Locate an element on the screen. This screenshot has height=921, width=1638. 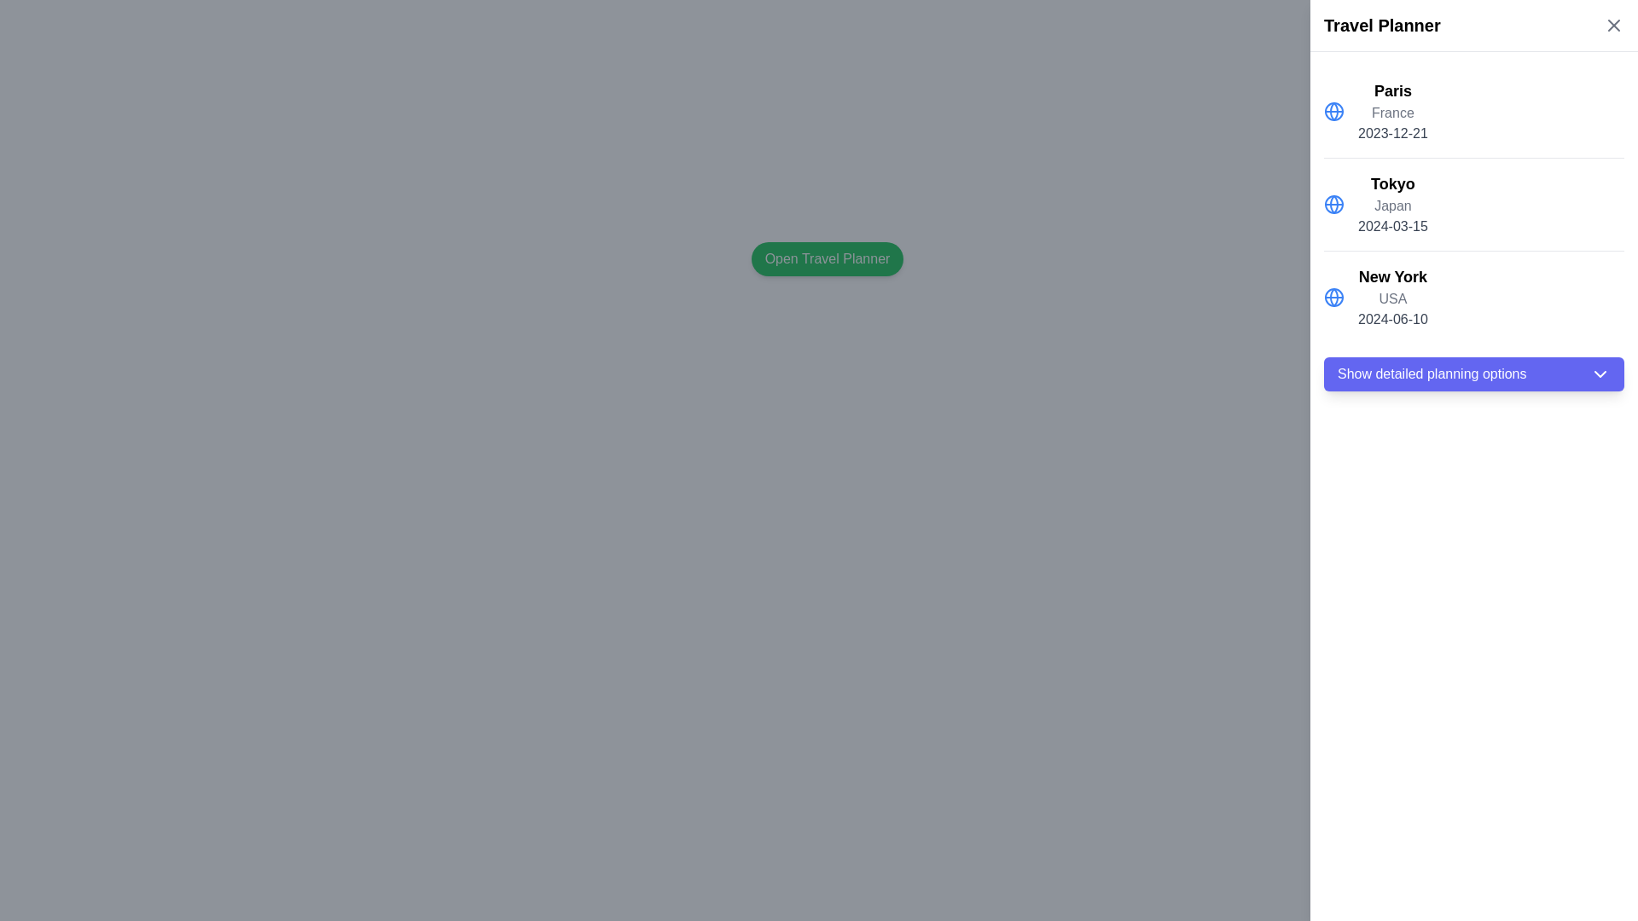
the static text label displaying 'Japan', which is located below the city name 'Tokyo' and above the date '2024-03-15' in the right-hand column of the 'Travel Planner' section is located at coordinates (1392, 206).